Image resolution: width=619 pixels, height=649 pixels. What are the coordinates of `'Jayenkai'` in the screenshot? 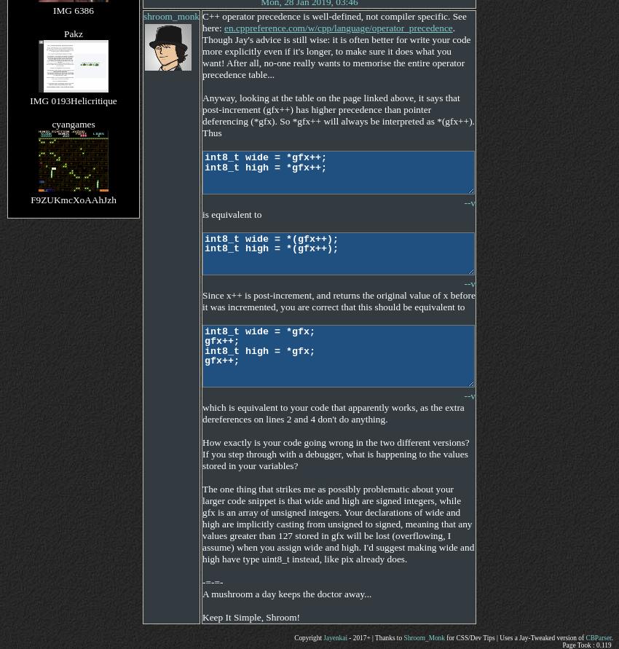 It's located at (334, 637).